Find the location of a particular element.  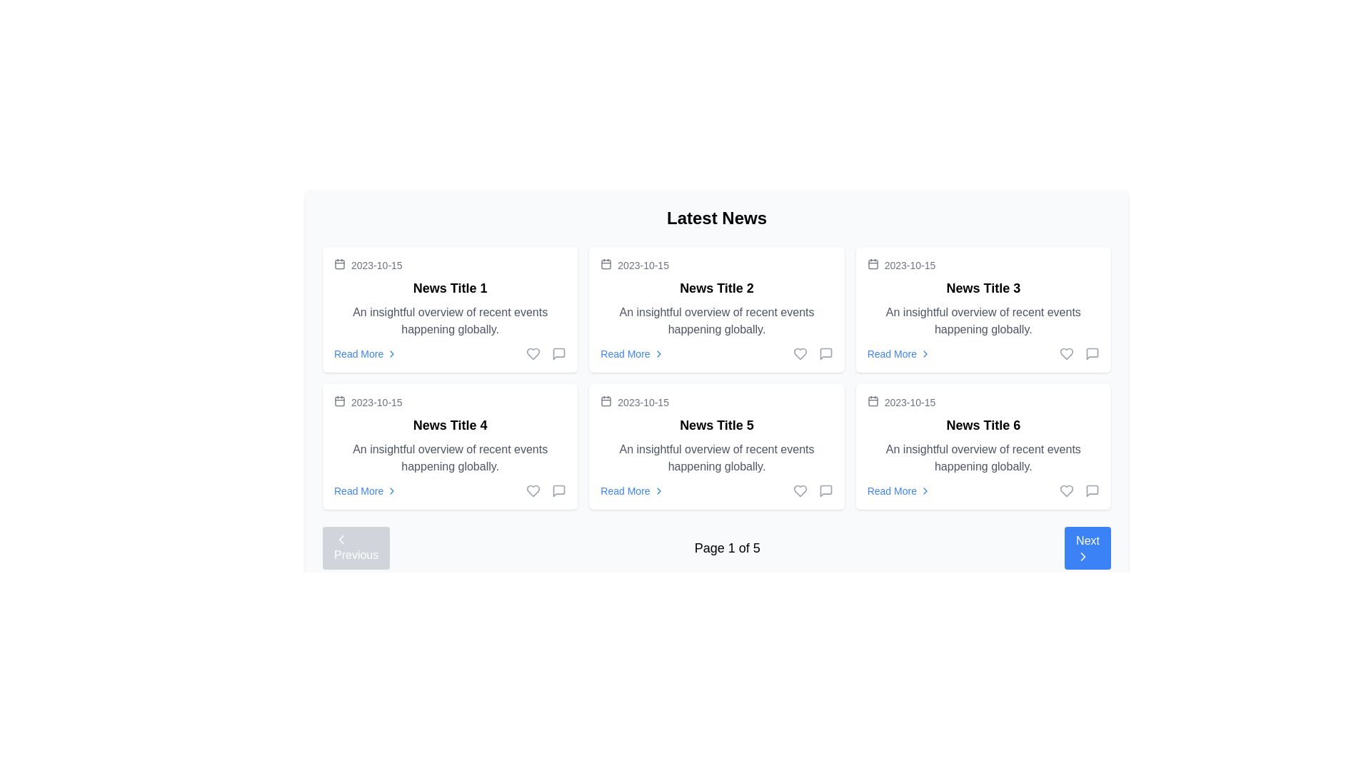

displayed publication date associated with the news article in the top-left corner of the card labeled 'News Title 6' is located at coordinates (983, 402).